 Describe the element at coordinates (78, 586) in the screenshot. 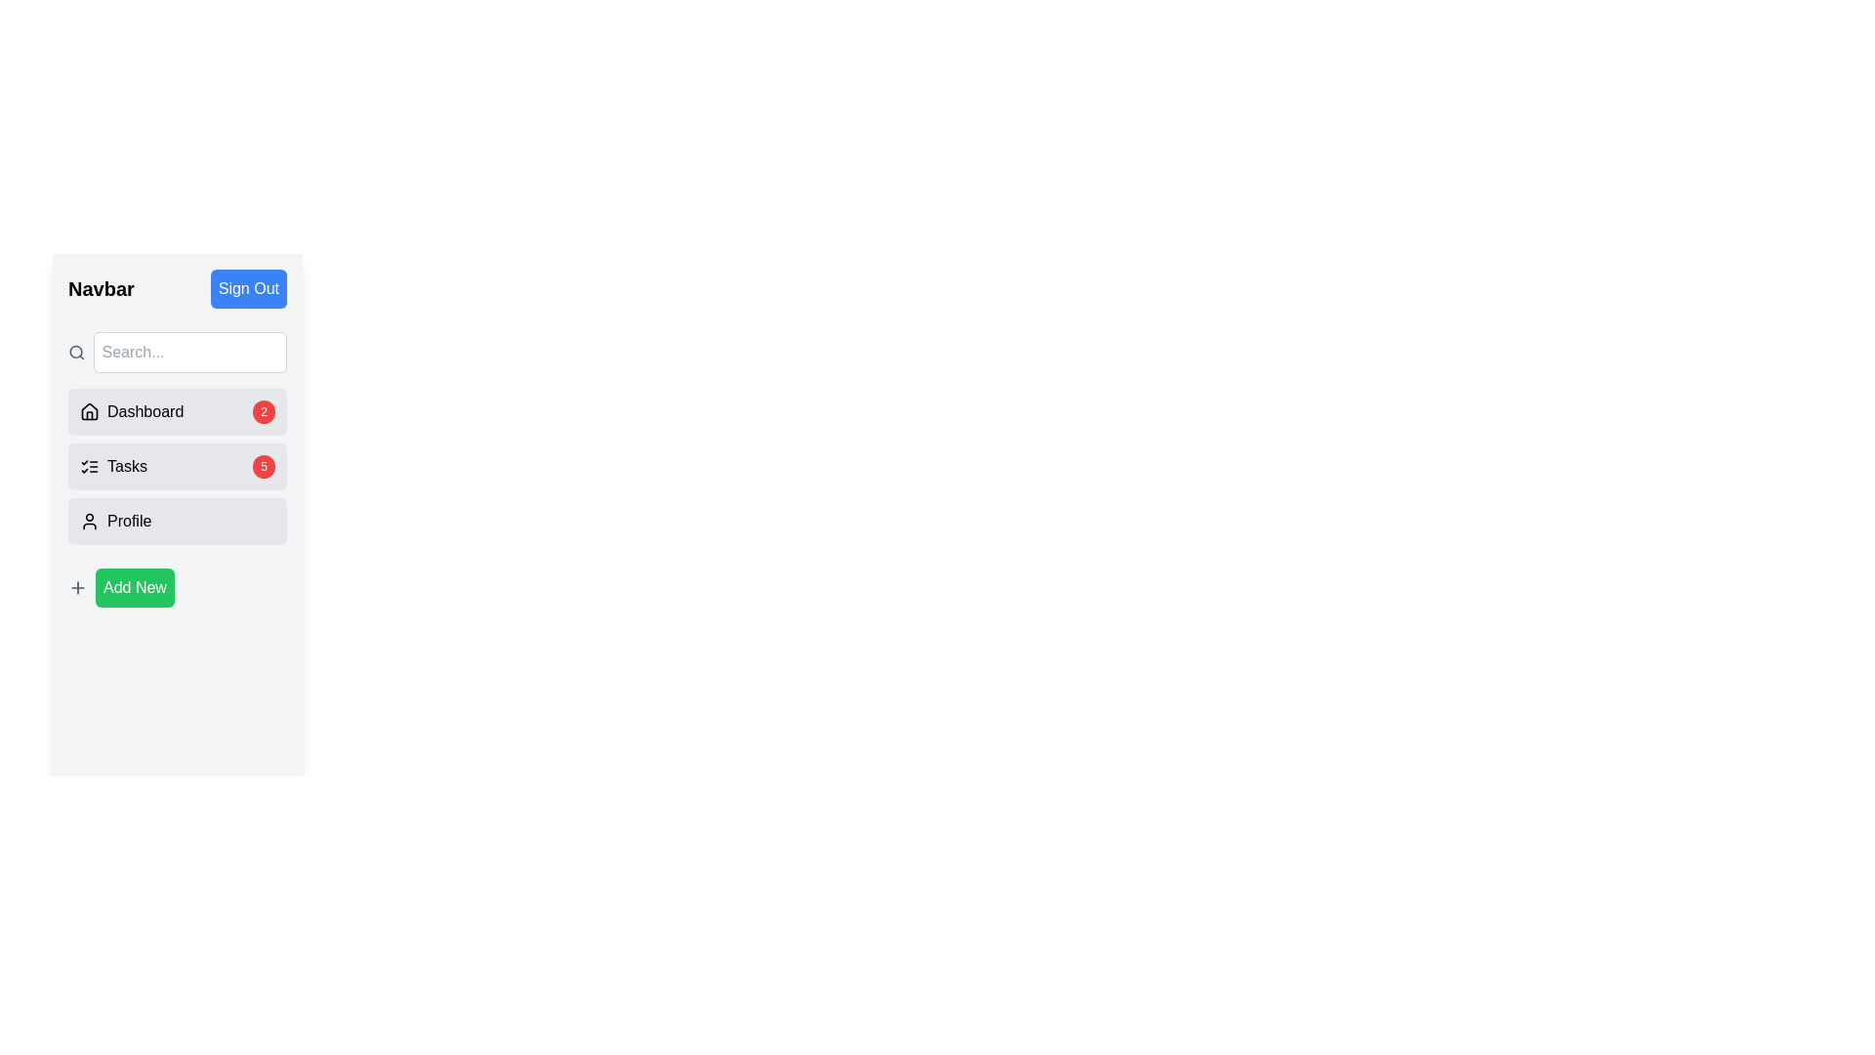

I see `the icon located at the bottom left part of the sidebar interface, which symbolizes the addition of a new item, adjacent to the 'Add New' button` at that location.